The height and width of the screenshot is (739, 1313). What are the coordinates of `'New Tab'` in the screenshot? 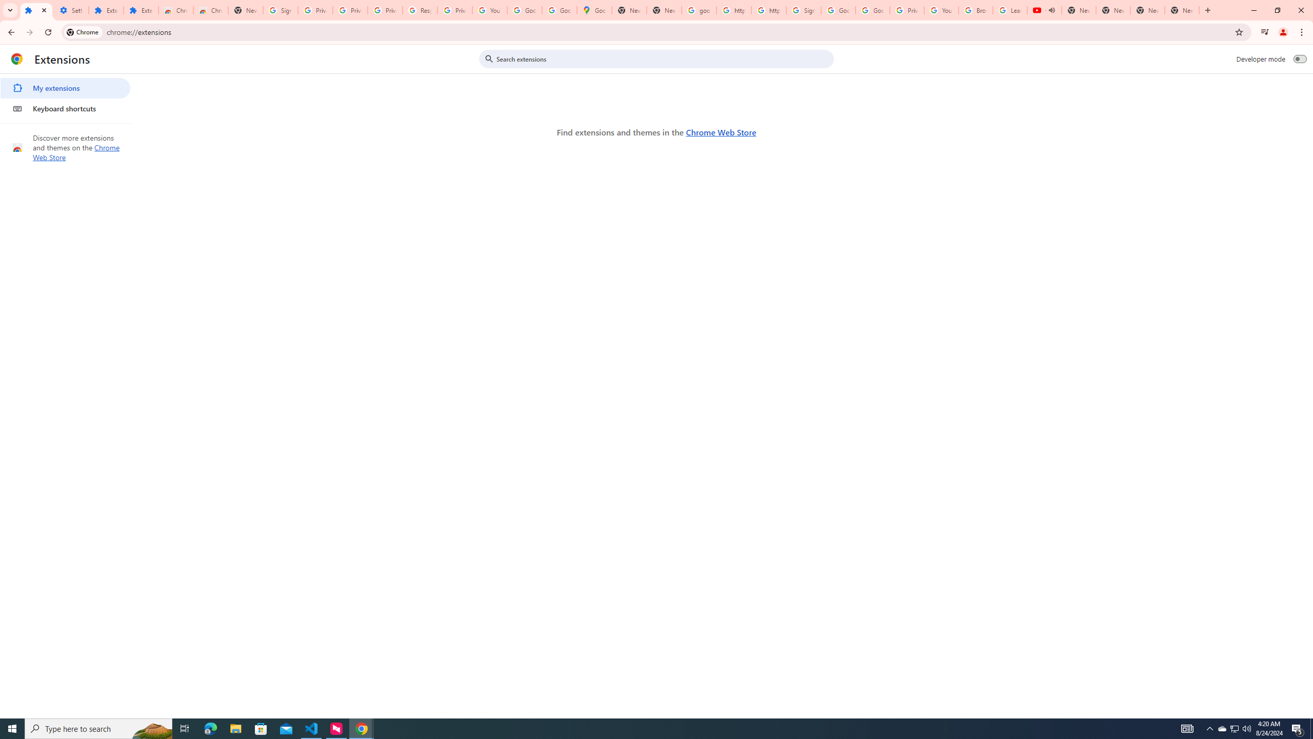 It's located at (1182, 10).